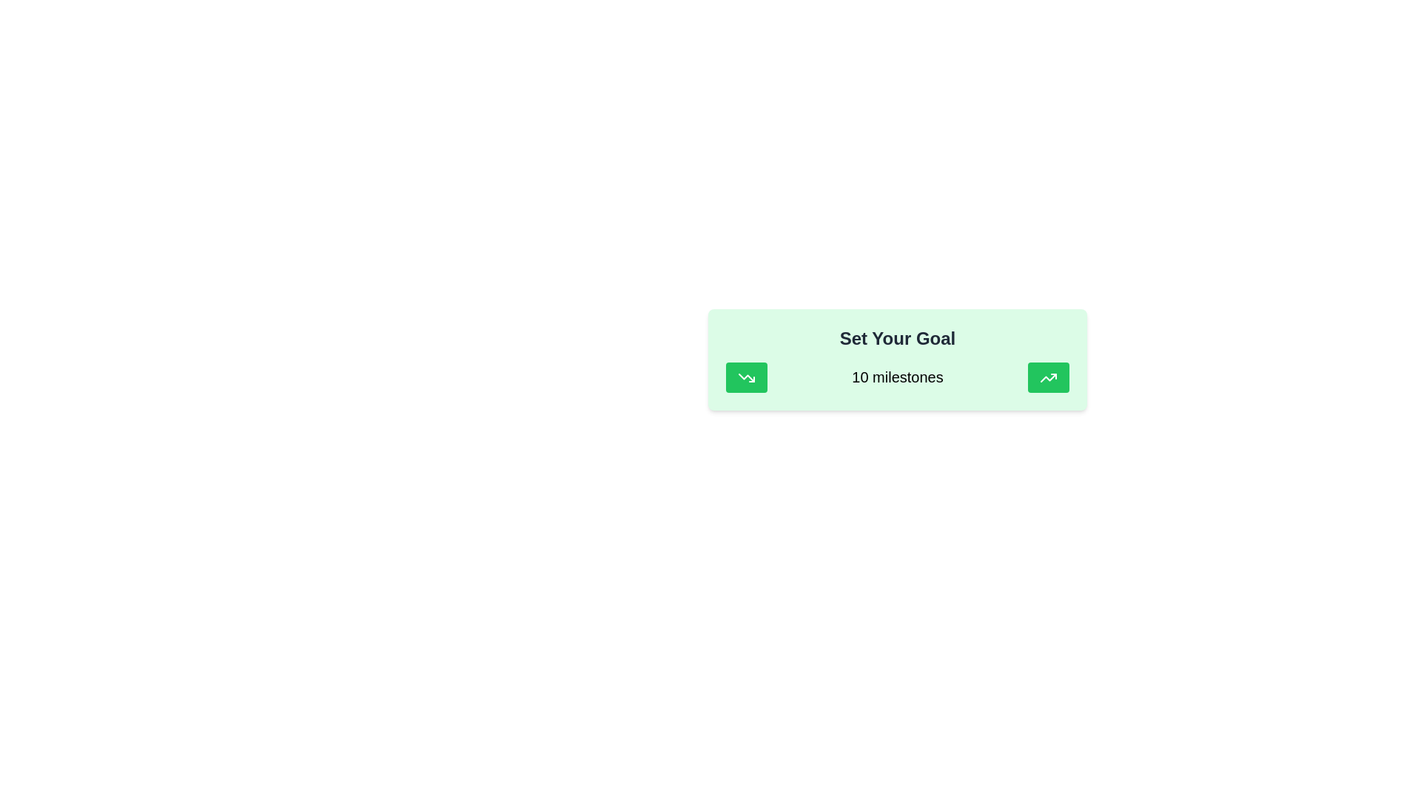 The height and width of the screenshot is (799, 1421). What do you see at coordinates (746, 376) in the screenshot?
I see `the leftmost green button that likely decreases a value, positioned to the left of the '10 milestones' text` at bounding box center [746, 376].